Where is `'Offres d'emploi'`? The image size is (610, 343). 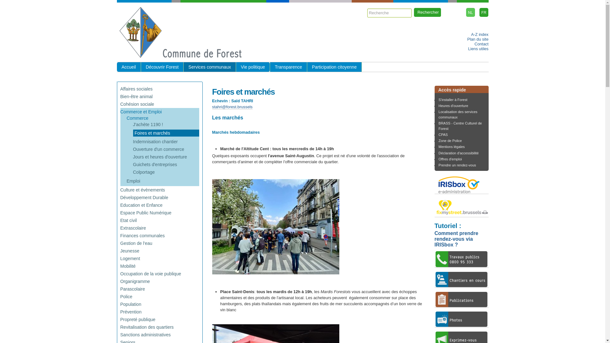
'Offres d'emploi' is located at coordinates (450, 159).